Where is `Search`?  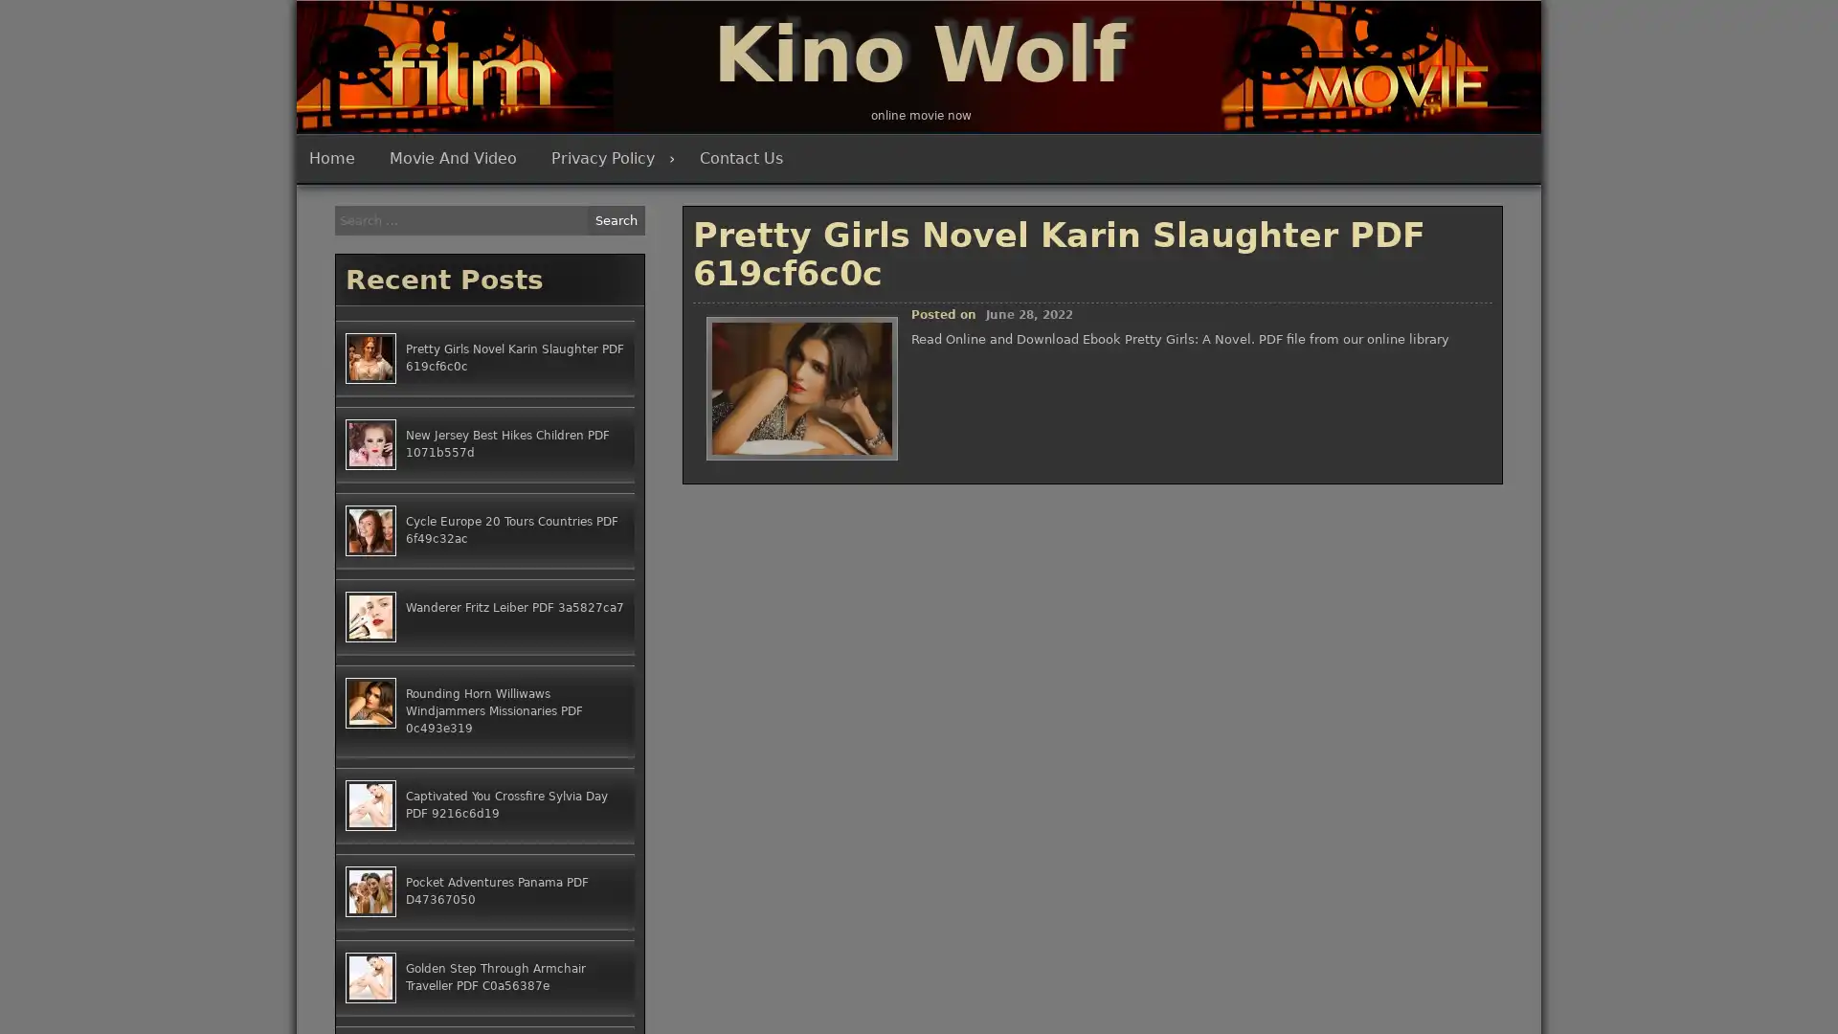
Search is located at coordinates (616, 219).